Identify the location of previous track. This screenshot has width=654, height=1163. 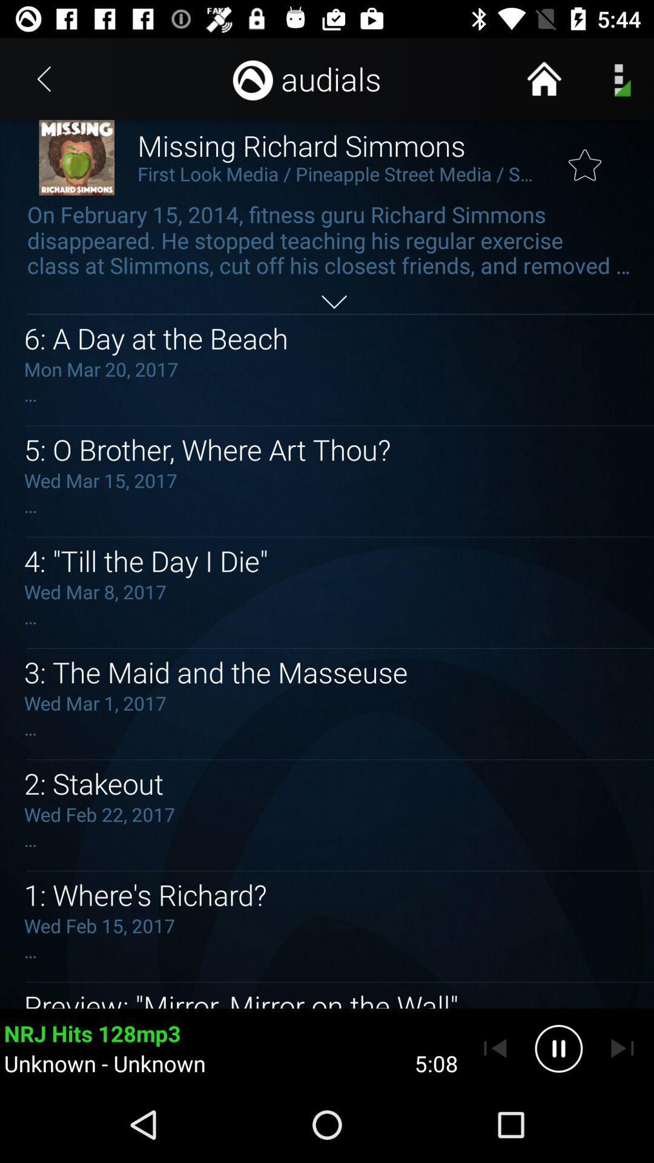
(495, 1048).